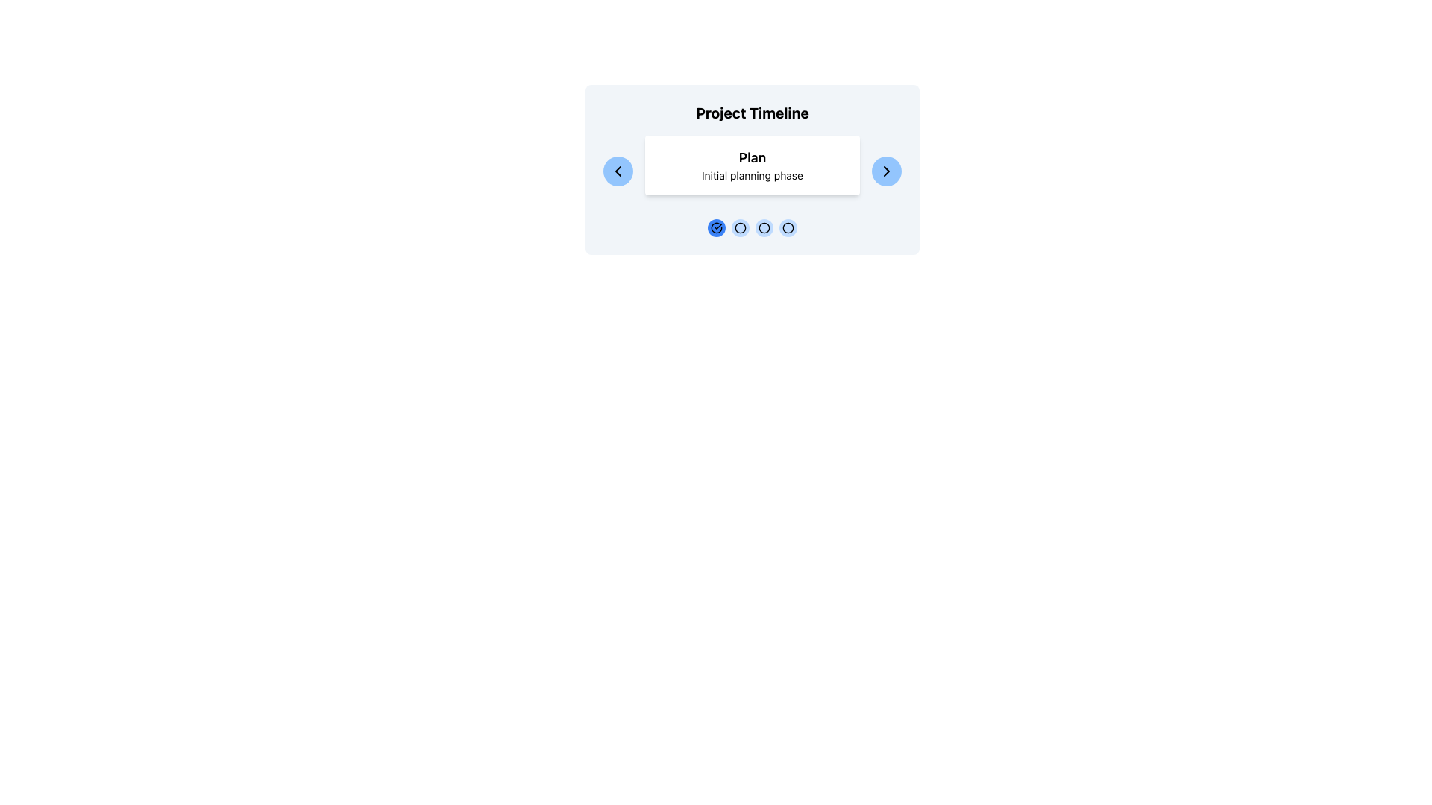  What do you see at coordinates (716, 227) in the screenshot?
I see `the interactive step indicator button located at the first position in the horizontal row below the 'Plan' card for keyboard interaction` at bounding box center [716, 227].